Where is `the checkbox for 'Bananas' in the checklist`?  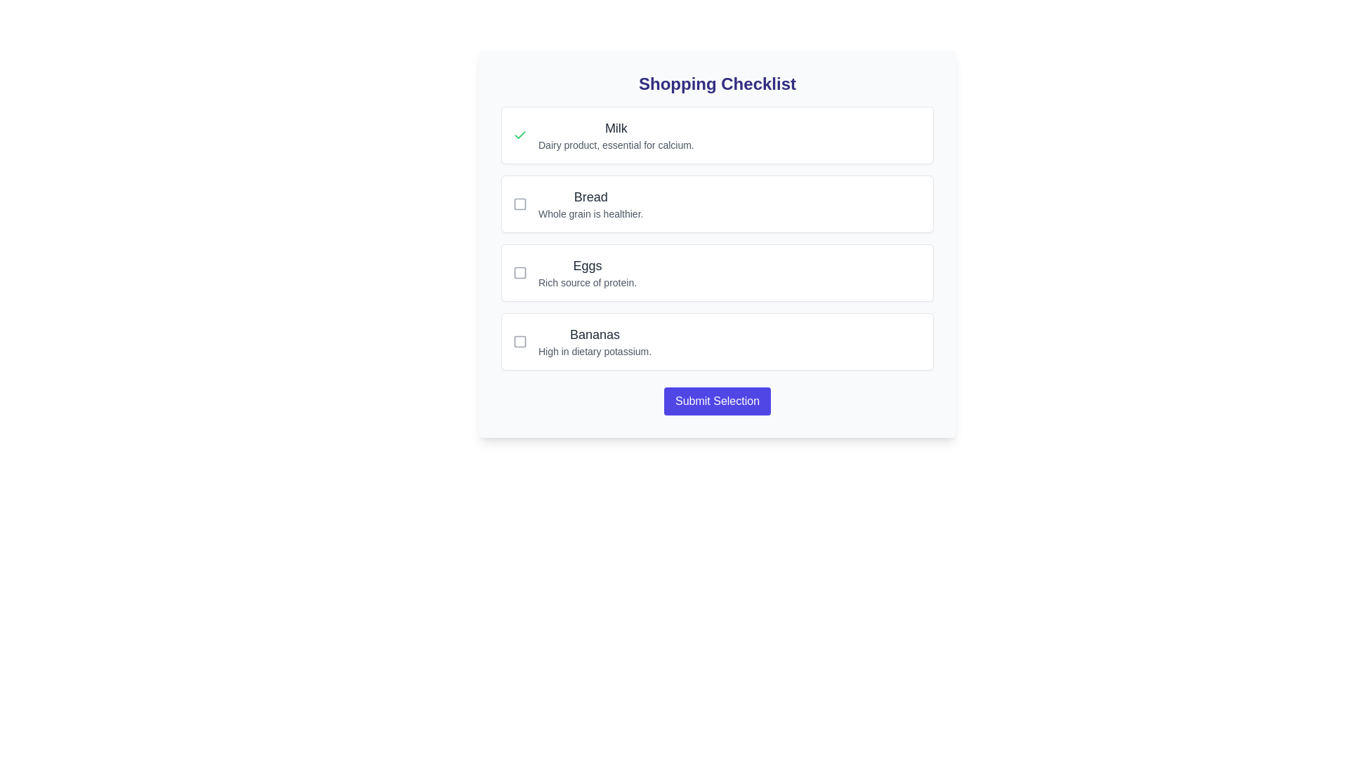 the checkbox for 'Bananas' in the checklist is located at coordinates (582, 341).